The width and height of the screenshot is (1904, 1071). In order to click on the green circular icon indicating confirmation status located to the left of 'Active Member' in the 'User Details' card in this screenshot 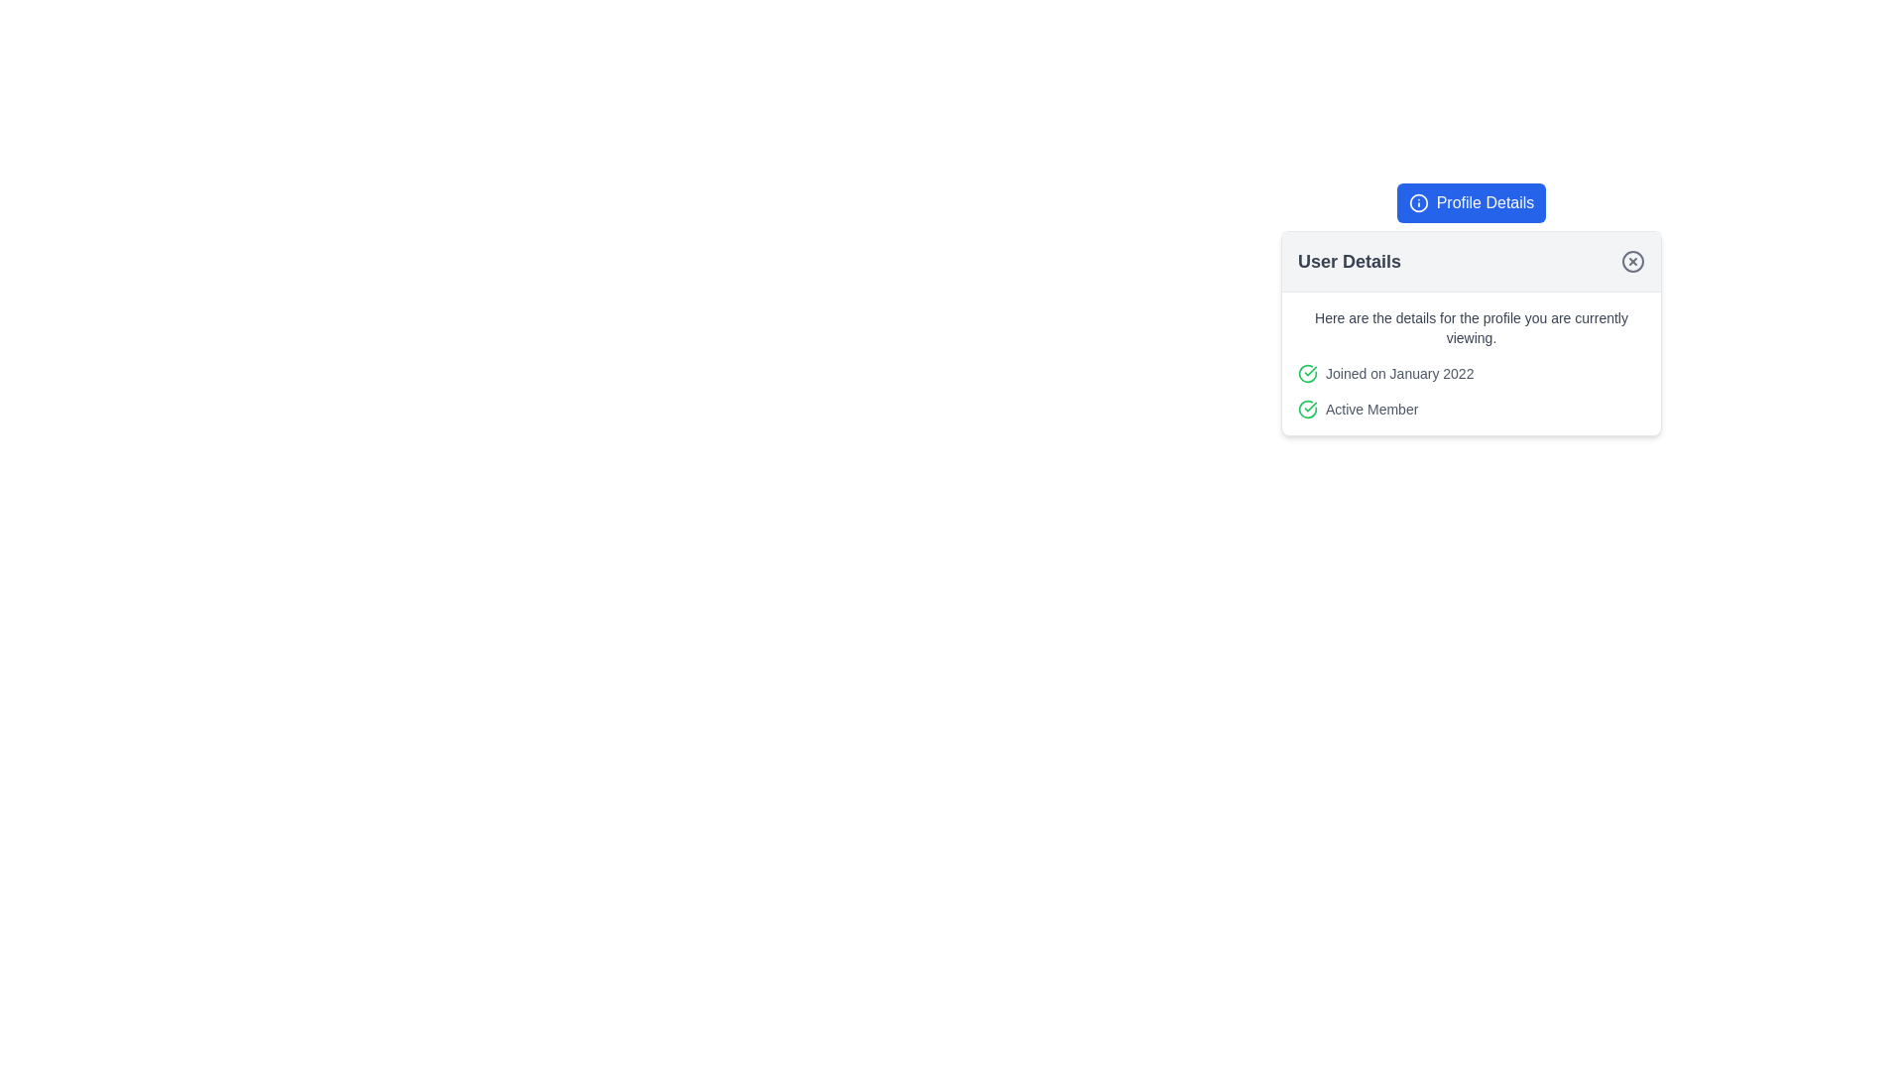, I will do `click(1308, 408)`.